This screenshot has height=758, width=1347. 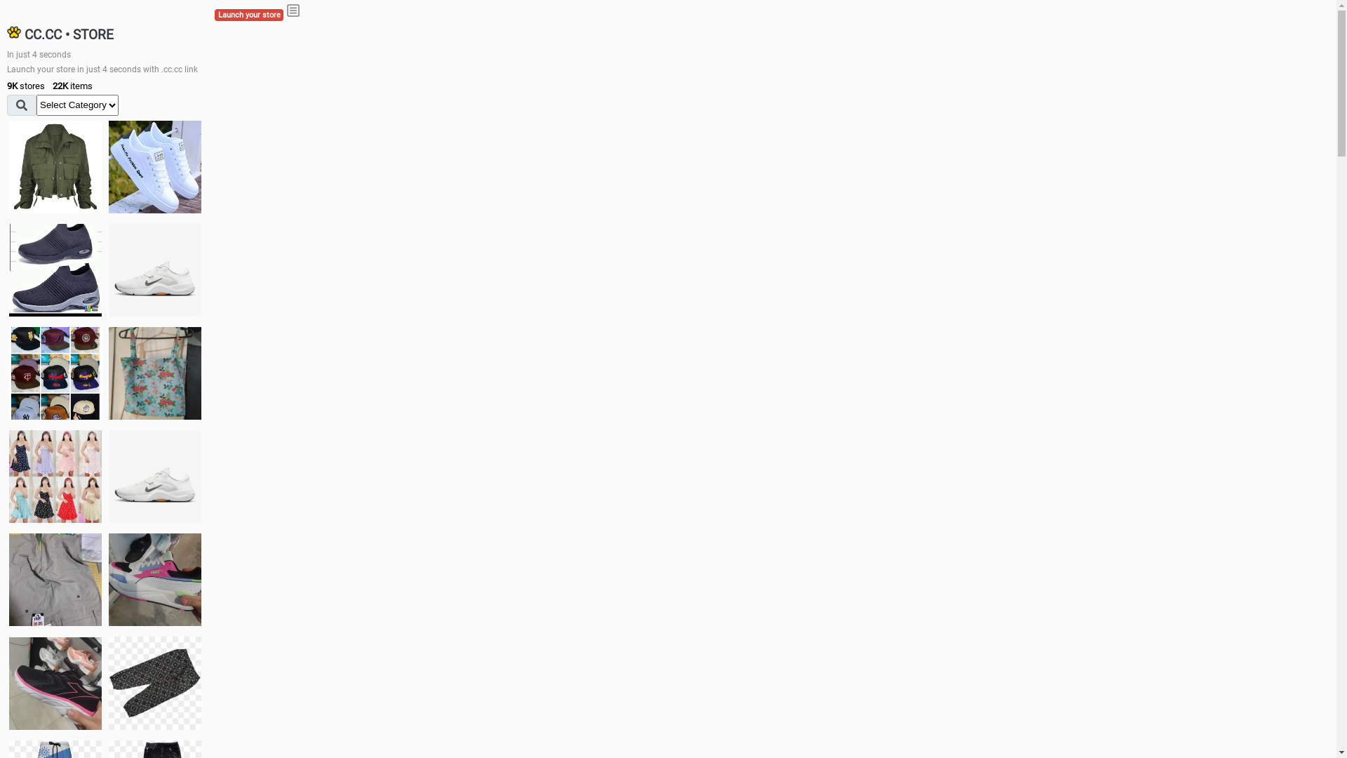 What do you see at coordinates (9, 683) in the screenshot?
I see `'Zapatillas'` at bounding box center [9, 683].